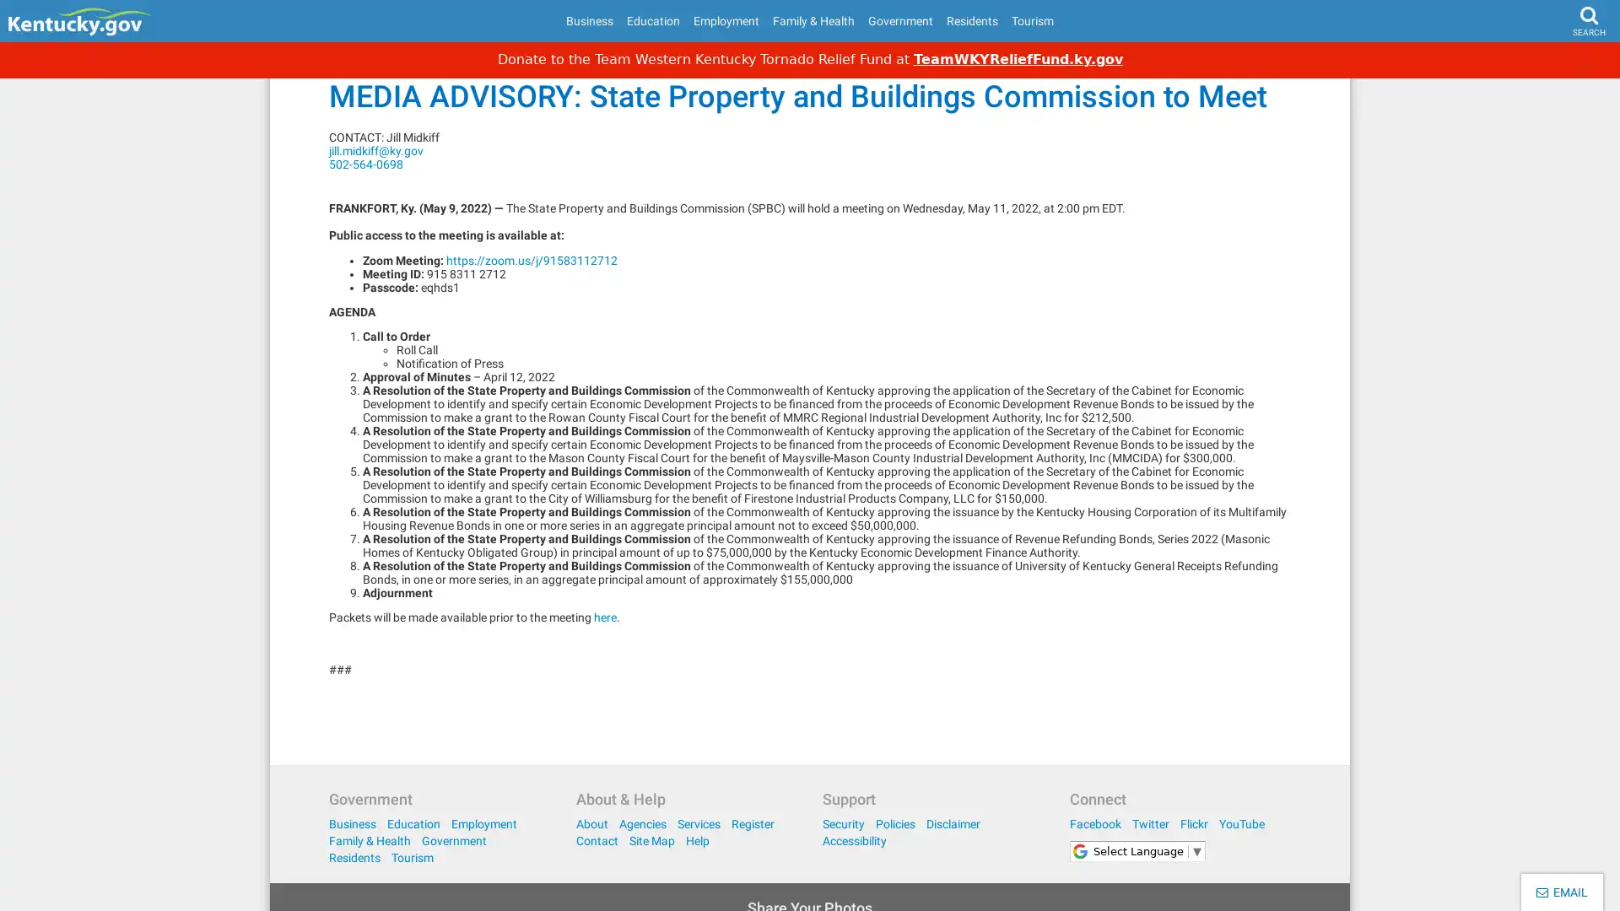  What do you see at coordinates (1557, 64) in the screenshot?
I see `Search` at bounding box center [1557, 64].